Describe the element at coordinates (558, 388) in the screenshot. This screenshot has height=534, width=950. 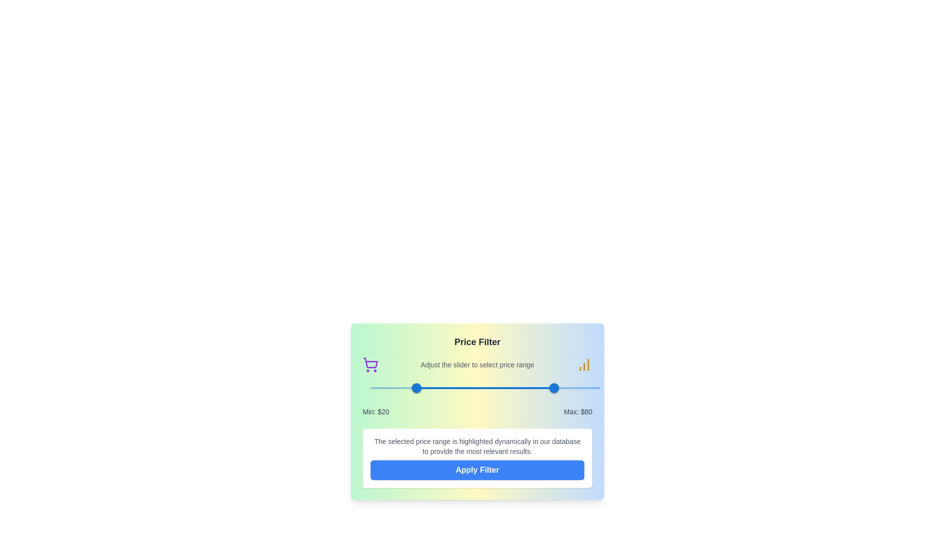
I see `slider value` at that location.